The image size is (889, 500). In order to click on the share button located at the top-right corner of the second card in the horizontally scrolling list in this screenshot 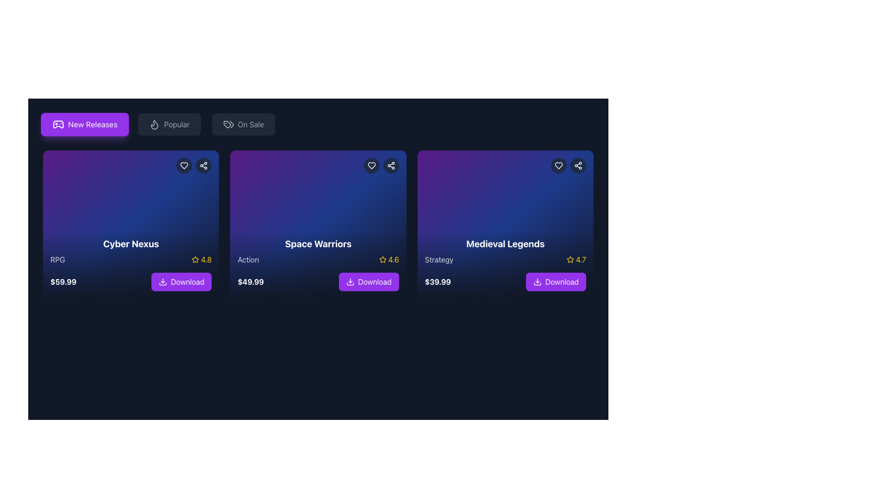, I will do `click(391, 165)`.